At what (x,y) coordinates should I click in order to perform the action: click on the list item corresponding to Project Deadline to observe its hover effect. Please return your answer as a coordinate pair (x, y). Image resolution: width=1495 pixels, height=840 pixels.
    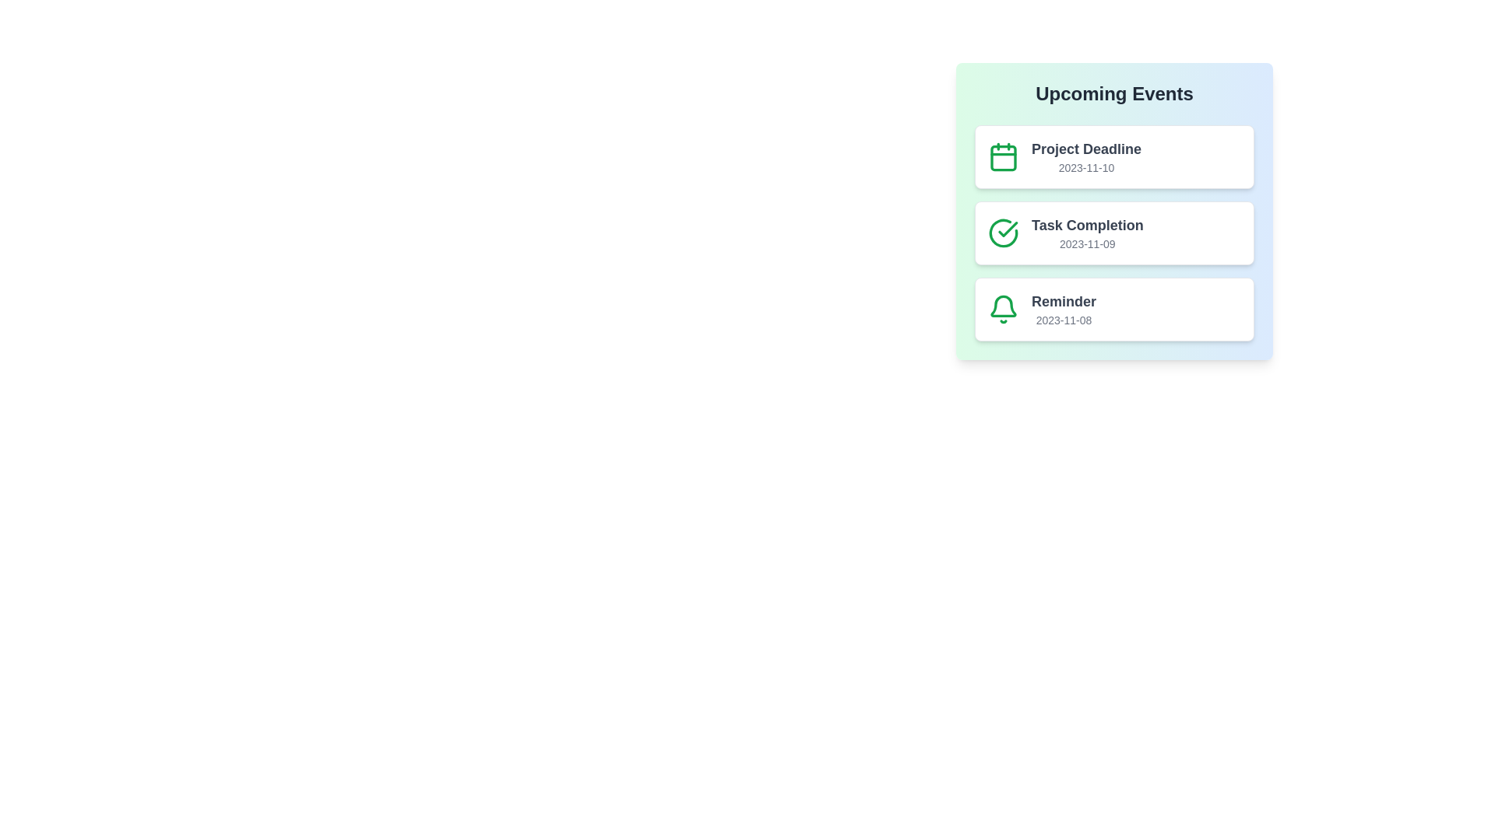
    Looking at the image, I should click on (1113, 156).